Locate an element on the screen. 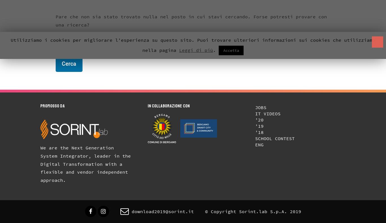 This screenshot has height=223, width=386. '’18' is located at coordinates (259, 132).